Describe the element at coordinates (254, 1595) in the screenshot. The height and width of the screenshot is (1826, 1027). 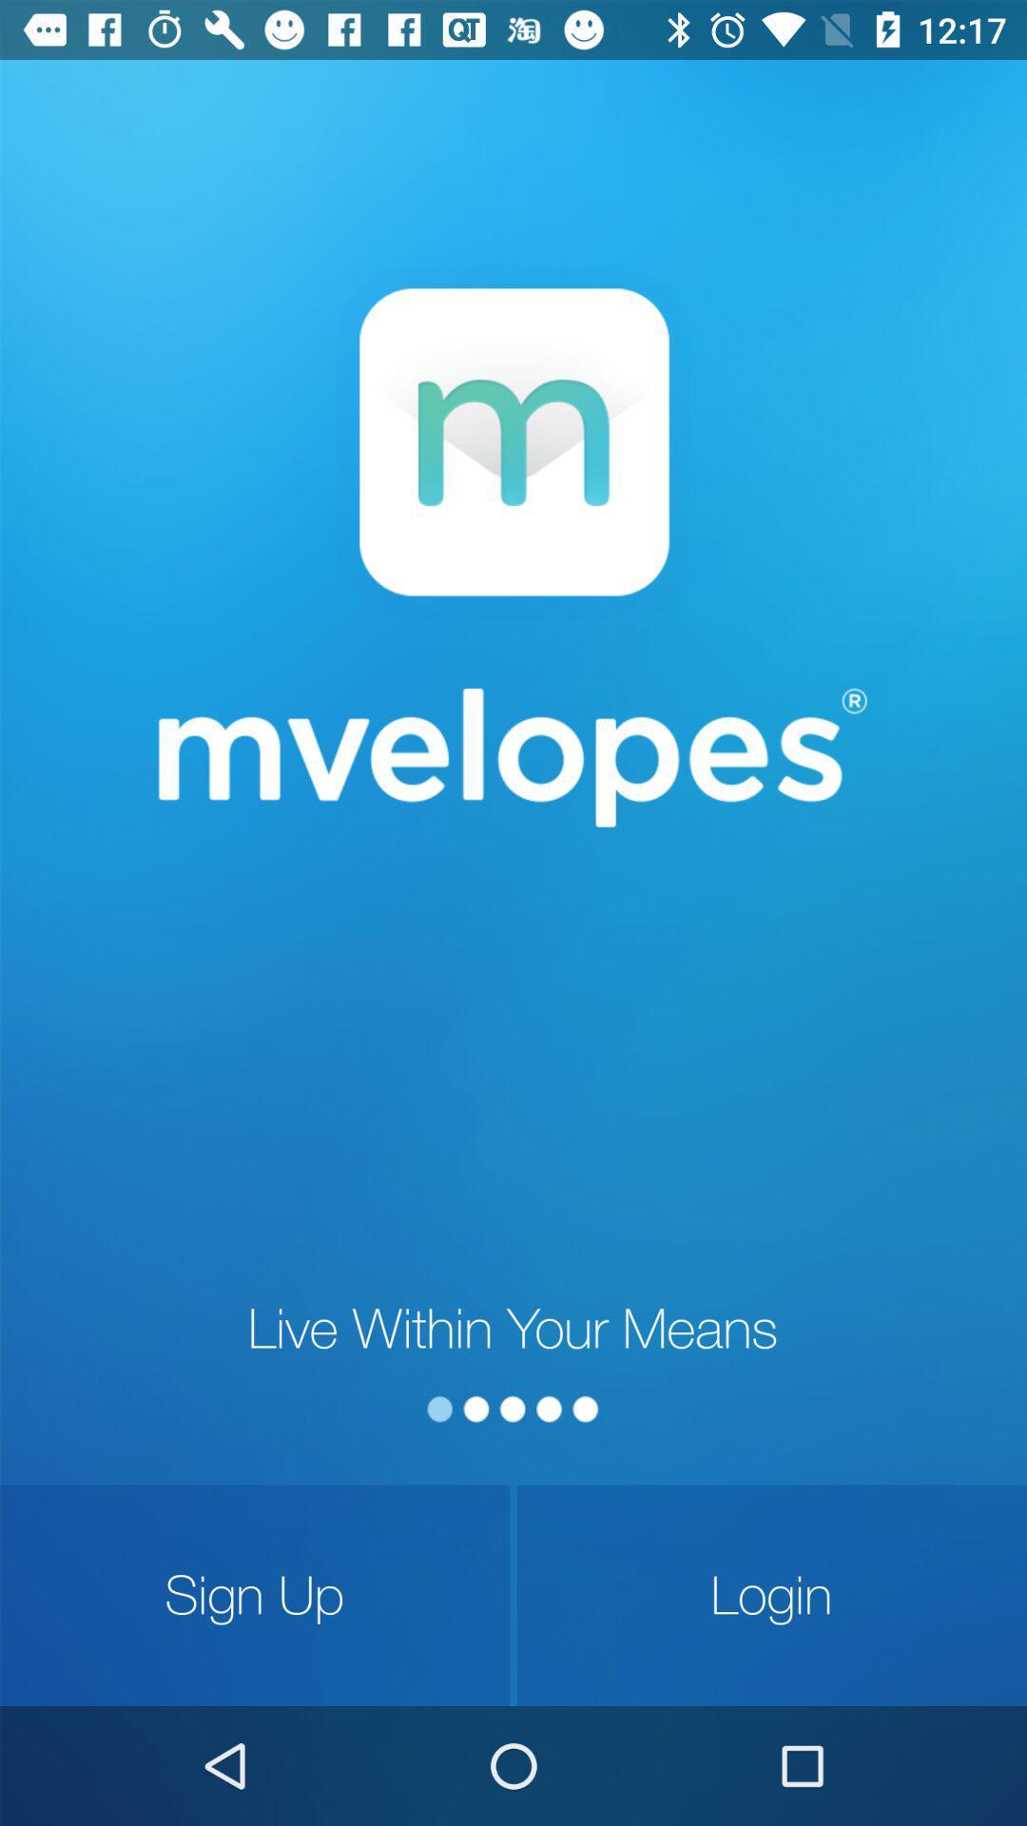
I see `the icon to the left of the login item` at that location.